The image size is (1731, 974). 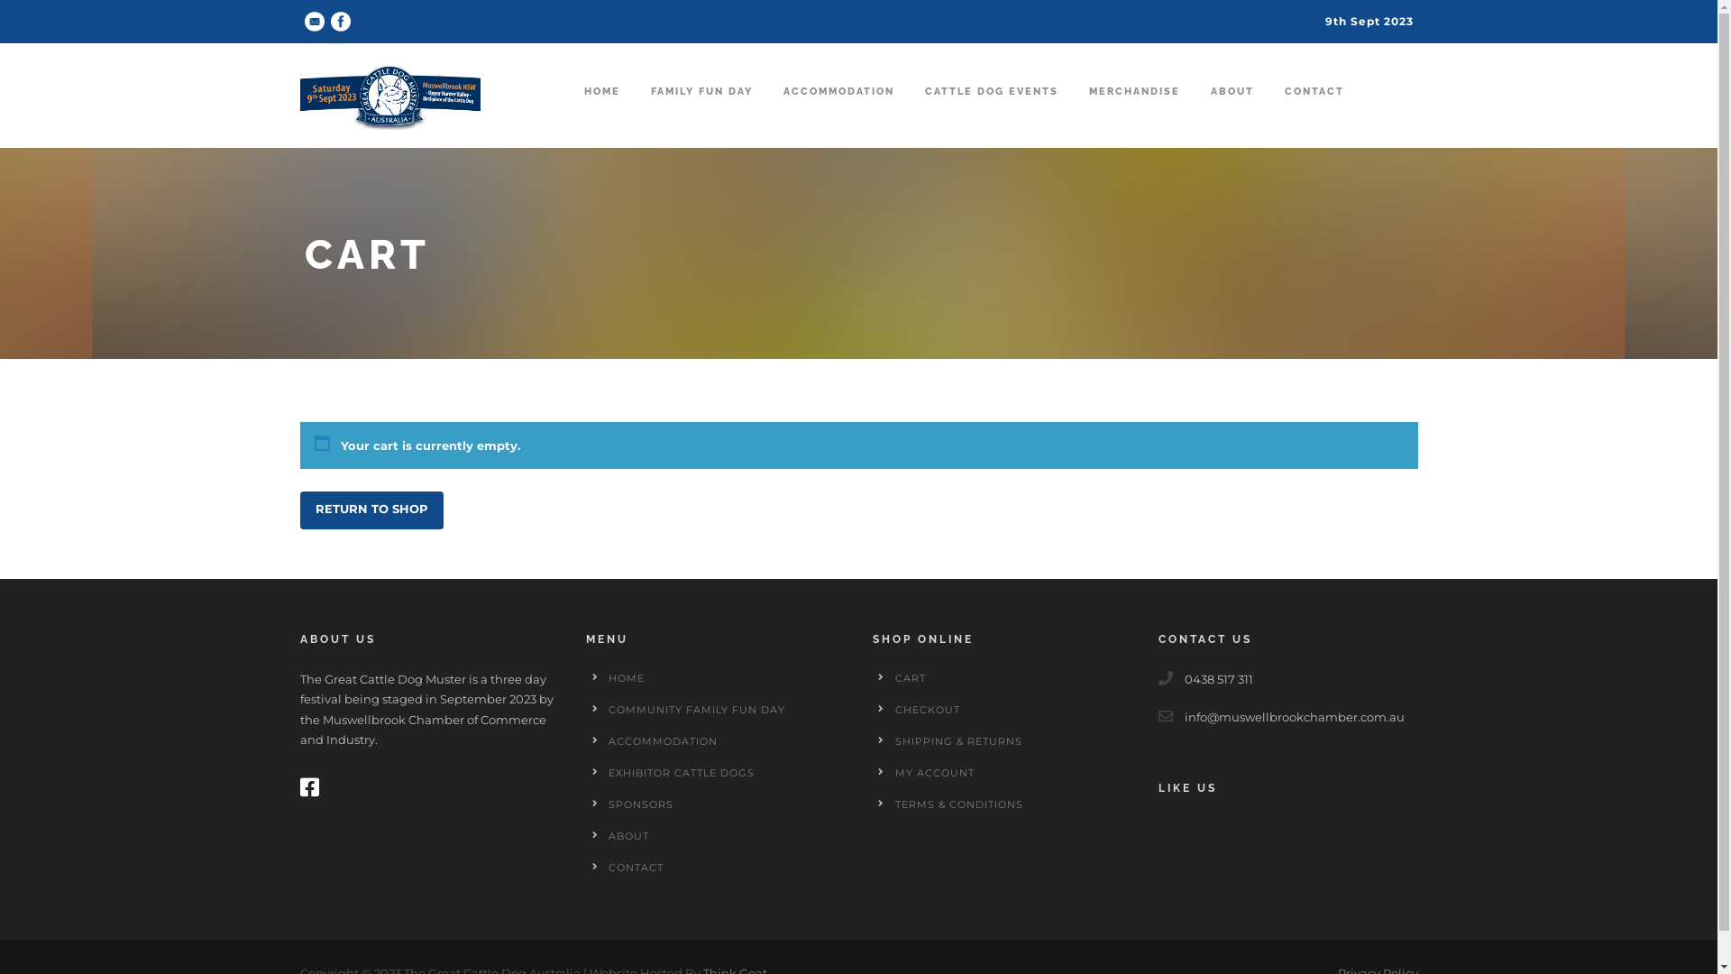 I want to click on 'CONTACT', so click(x=1314, y=109).